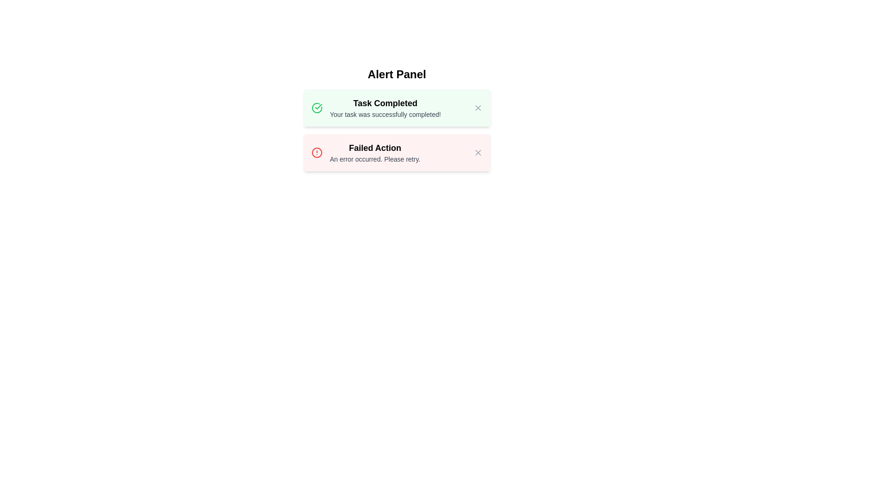 This screenshot has height=503, width=894. Describe the element at coordinates (375, 147) in the screenshot. I see `the Text Label in the alert box that conveys the title of the error notification, which is positioned at the top of the alert box with a red background` at that location.